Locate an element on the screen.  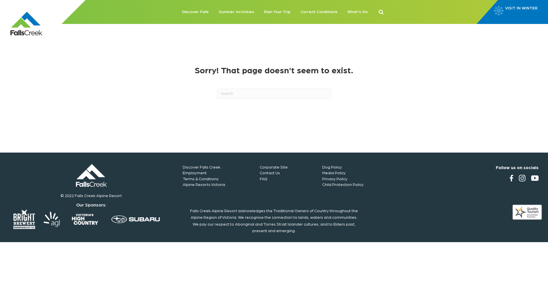
'Privacy Policy' is located at coordinates (335, 178).